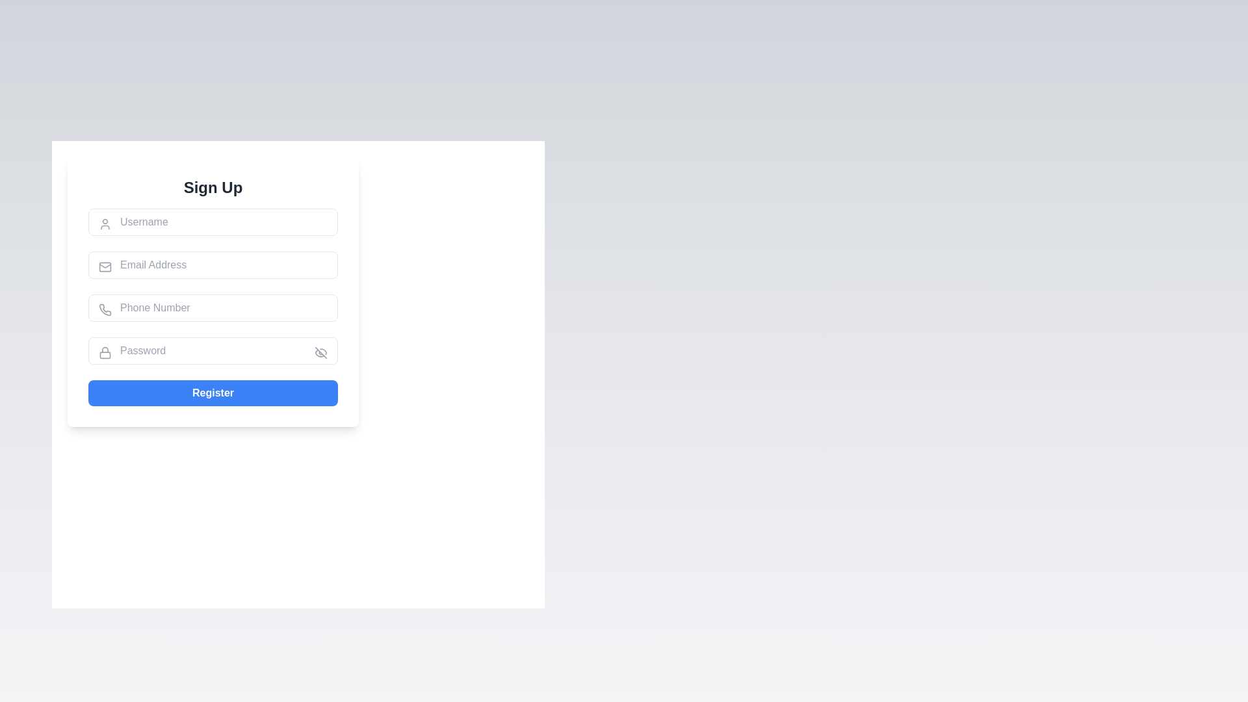 This screenshot has width=1248, height=702. Describe the element at coordinates (105, 310) in the screenshot. I see `the gray phone icon with a handset shape, positioned to the left of the 'Phone Number' input box` at that location.